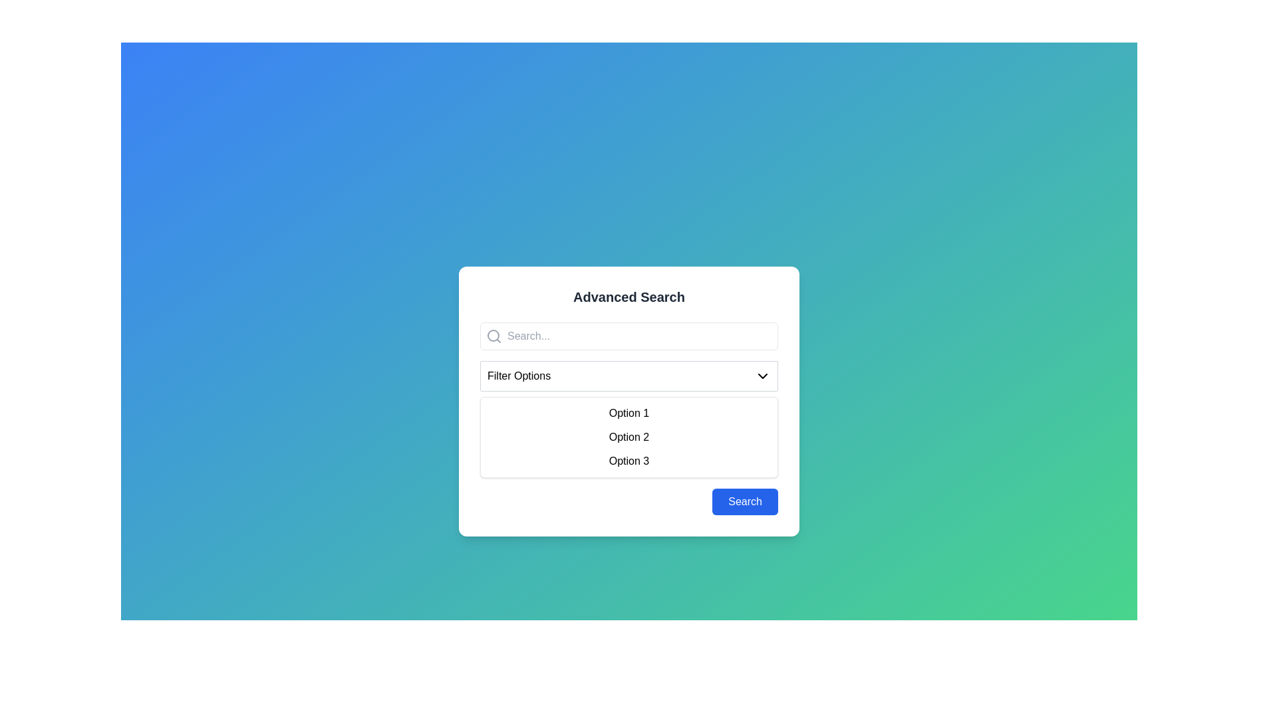  Describe the element at coordinates (628, 412) in the screenshot. I see `the 'Option 1' list item, which is the first item in a vertical list of selectable options styled with rounded corners and a light gray background` at that location.